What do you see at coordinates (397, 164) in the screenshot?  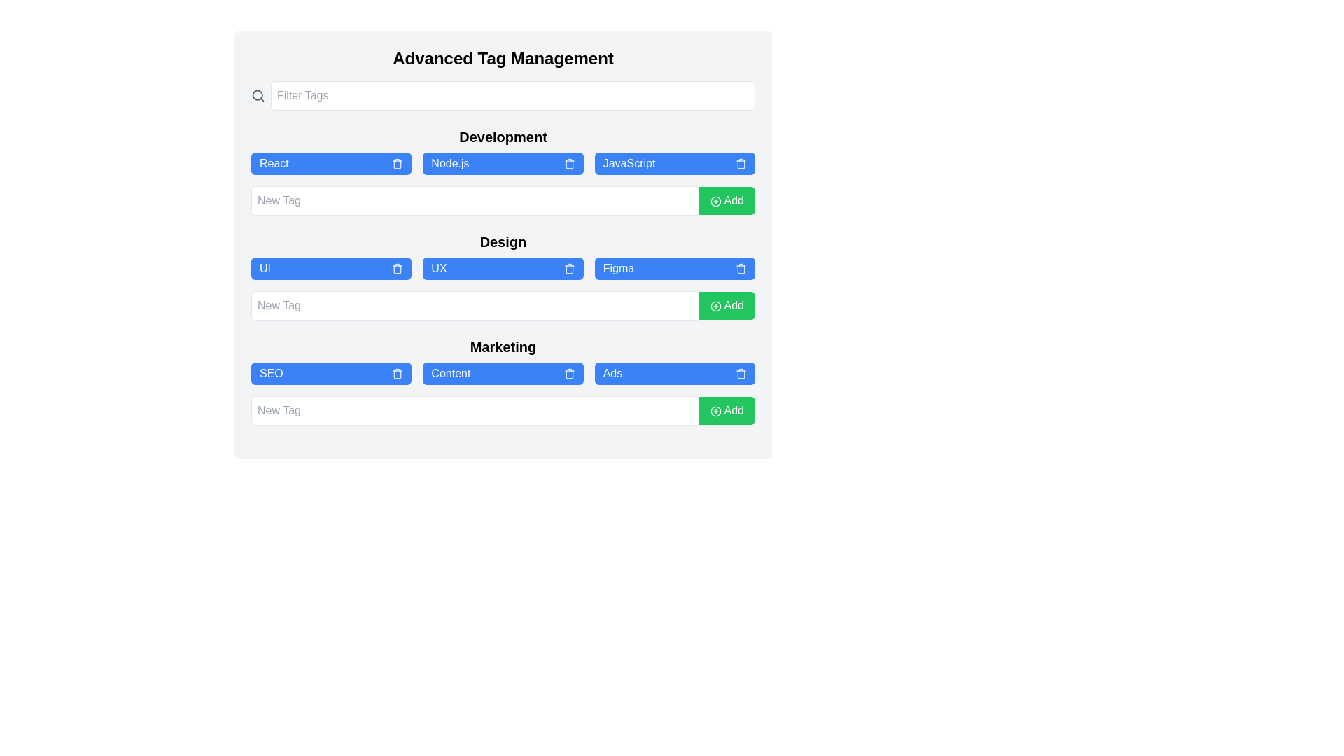 I see `the delete button icon for the 'React' tag in the 'Development' section, which is part of a row of blue labels at the top of the interface` at bounding box center [397, 164].